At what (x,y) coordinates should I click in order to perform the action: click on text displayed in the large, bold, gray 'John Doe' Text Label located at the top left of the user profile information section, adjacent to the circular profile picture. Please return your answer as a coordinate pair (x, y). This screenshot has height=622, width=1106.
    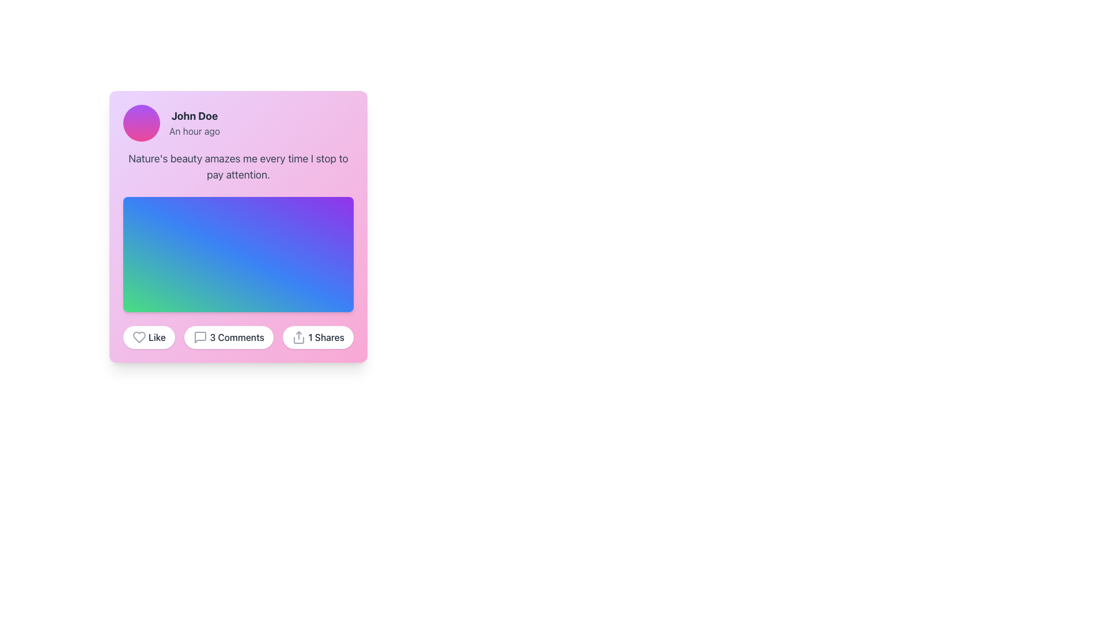
    Looking at the image, I should click on (194, 116).